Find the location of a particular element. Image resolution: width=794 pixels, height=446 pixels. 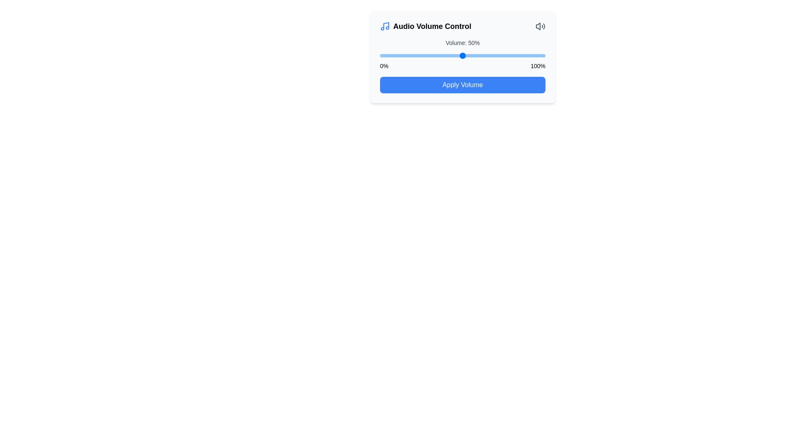

the static informational text that indicates the minimum ('0%') and maximum ('100%') values of the volume range, located below the volume slider labeled 'Volume: 50%' is located at coordinates (462, 65).